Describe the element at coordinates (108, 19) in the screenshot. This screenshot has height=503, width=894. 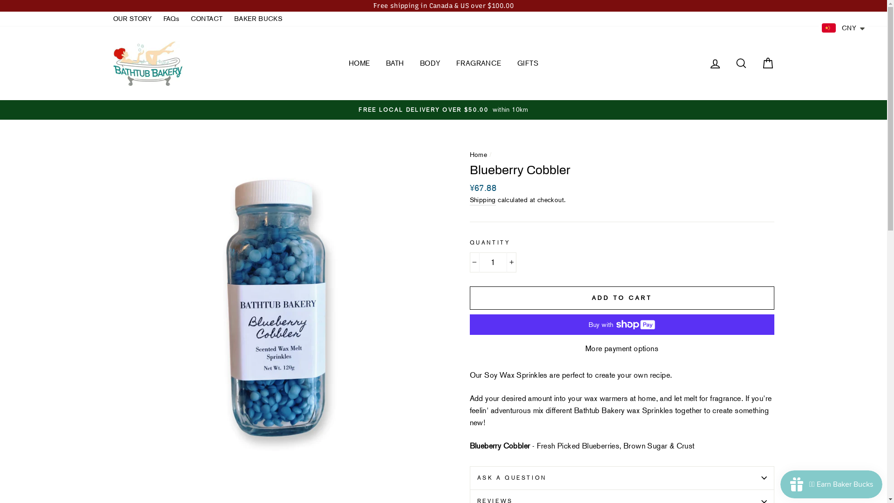
I see `'OUR STORY'` at that location.